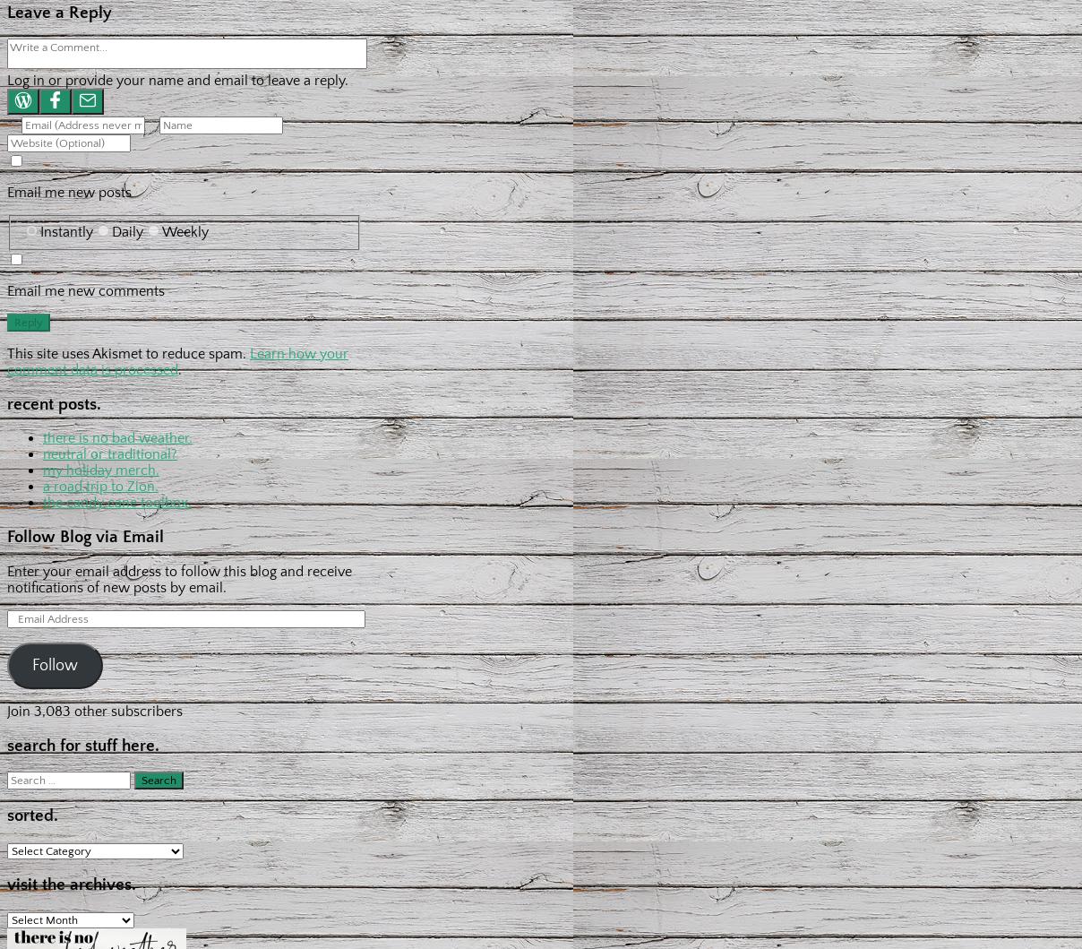  I want to click on 'Join 3,083 other subscribers', so click(5, 709).